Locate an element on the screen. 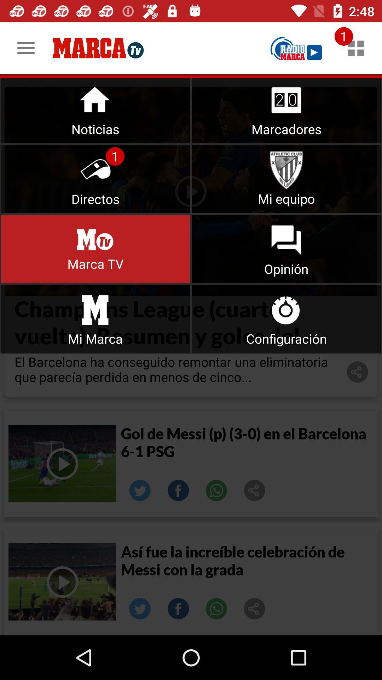 The height and width of the screenshot is (680, 382). settings is located at coordinates (286, 318).